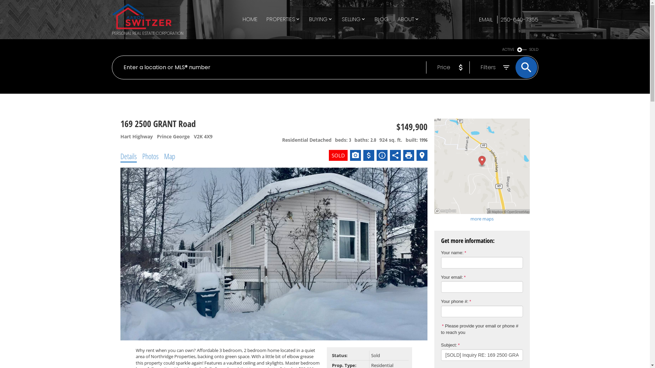 This screenshot has height=368, width=655. I want to click on 'Calculate Mortgage', so click(363, 155).